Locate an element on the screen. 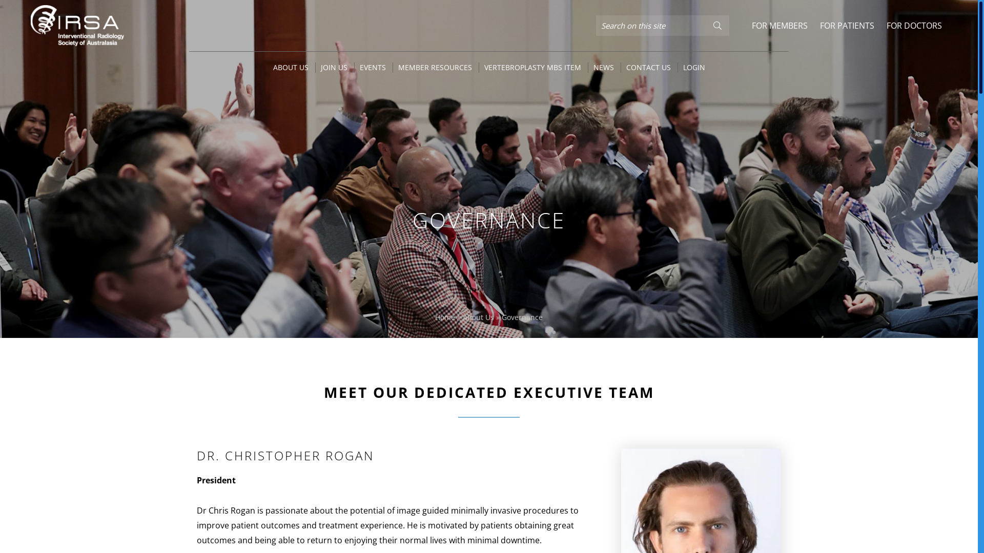 Image resolution: width=984 pixels, height=553 pixels. 'EVENTS' is located at coordinates (372, 67).